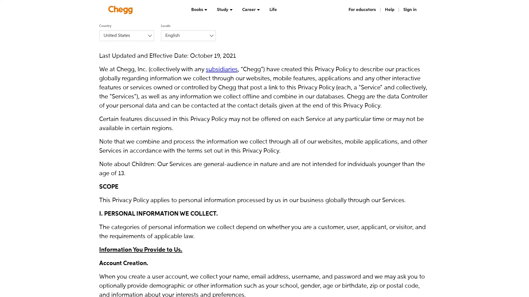  Describe the element at coordinates (231, 10) in the screenshot. I see `open submenu for Study` at that location.